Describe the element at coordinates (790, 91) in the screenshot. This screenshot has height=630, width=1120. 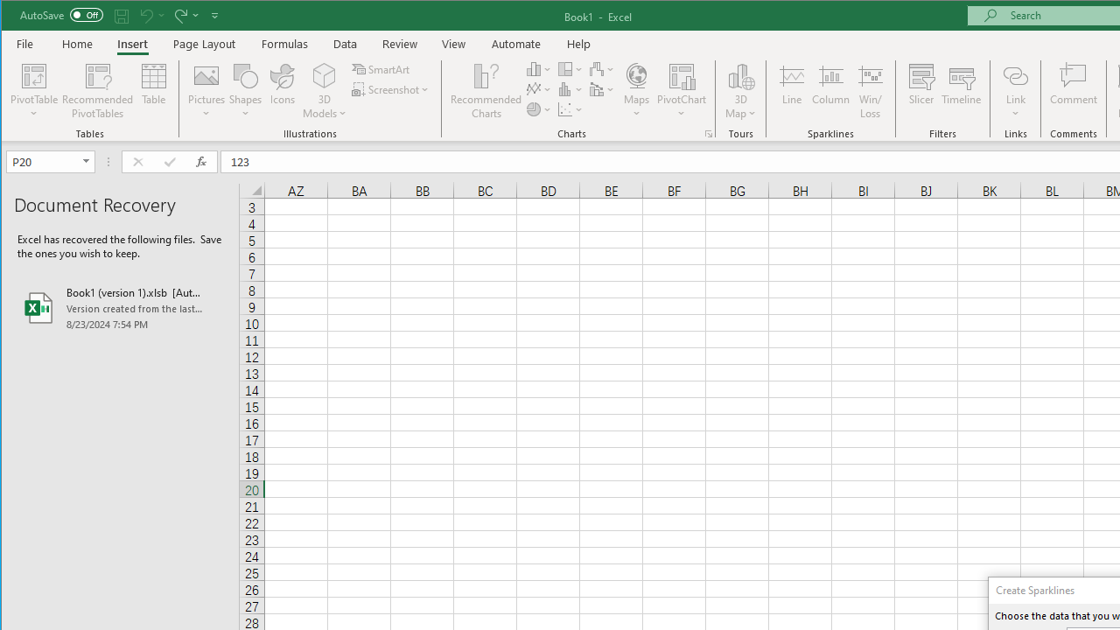
I see `'Line'` at that location.